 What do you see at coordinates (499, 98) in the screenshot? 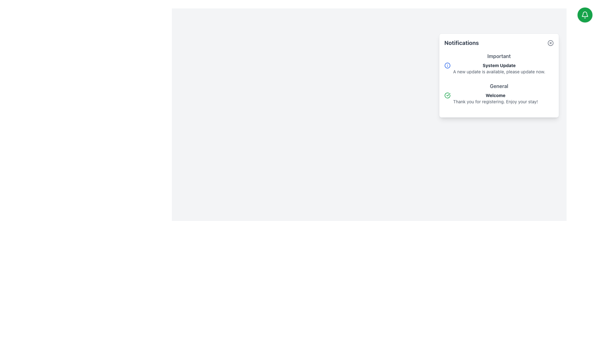
I see `the text block containing the title 'Welcome' and the message 'Thank you for registering. Enjoy your stay!', which is located under the 'General' section in the notification dropdown` at bounding box center [499, 98].